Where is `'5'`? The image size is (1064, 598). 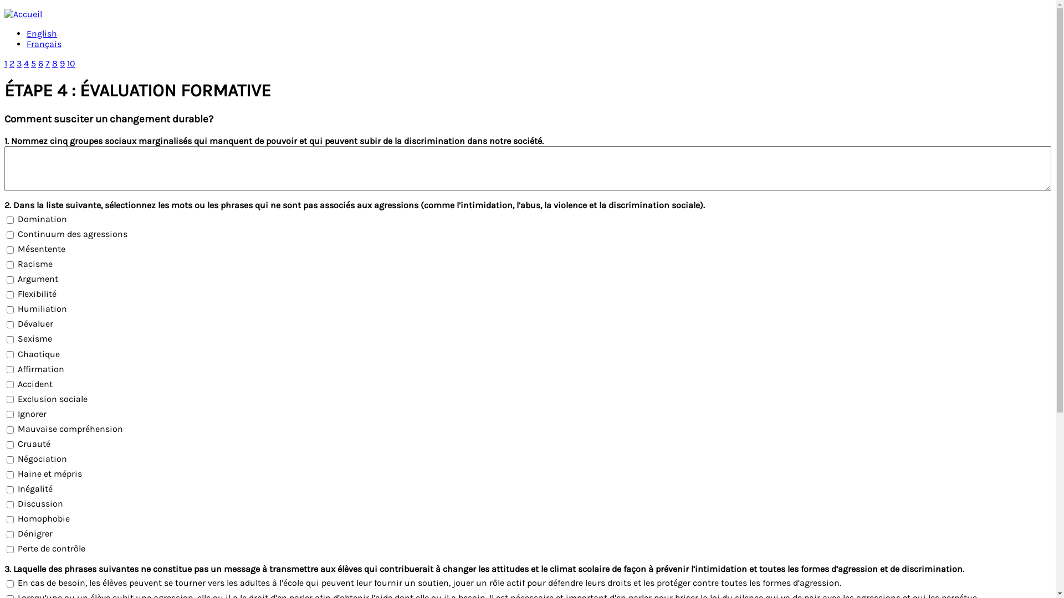
'5' is located at coordinates (33, 63).